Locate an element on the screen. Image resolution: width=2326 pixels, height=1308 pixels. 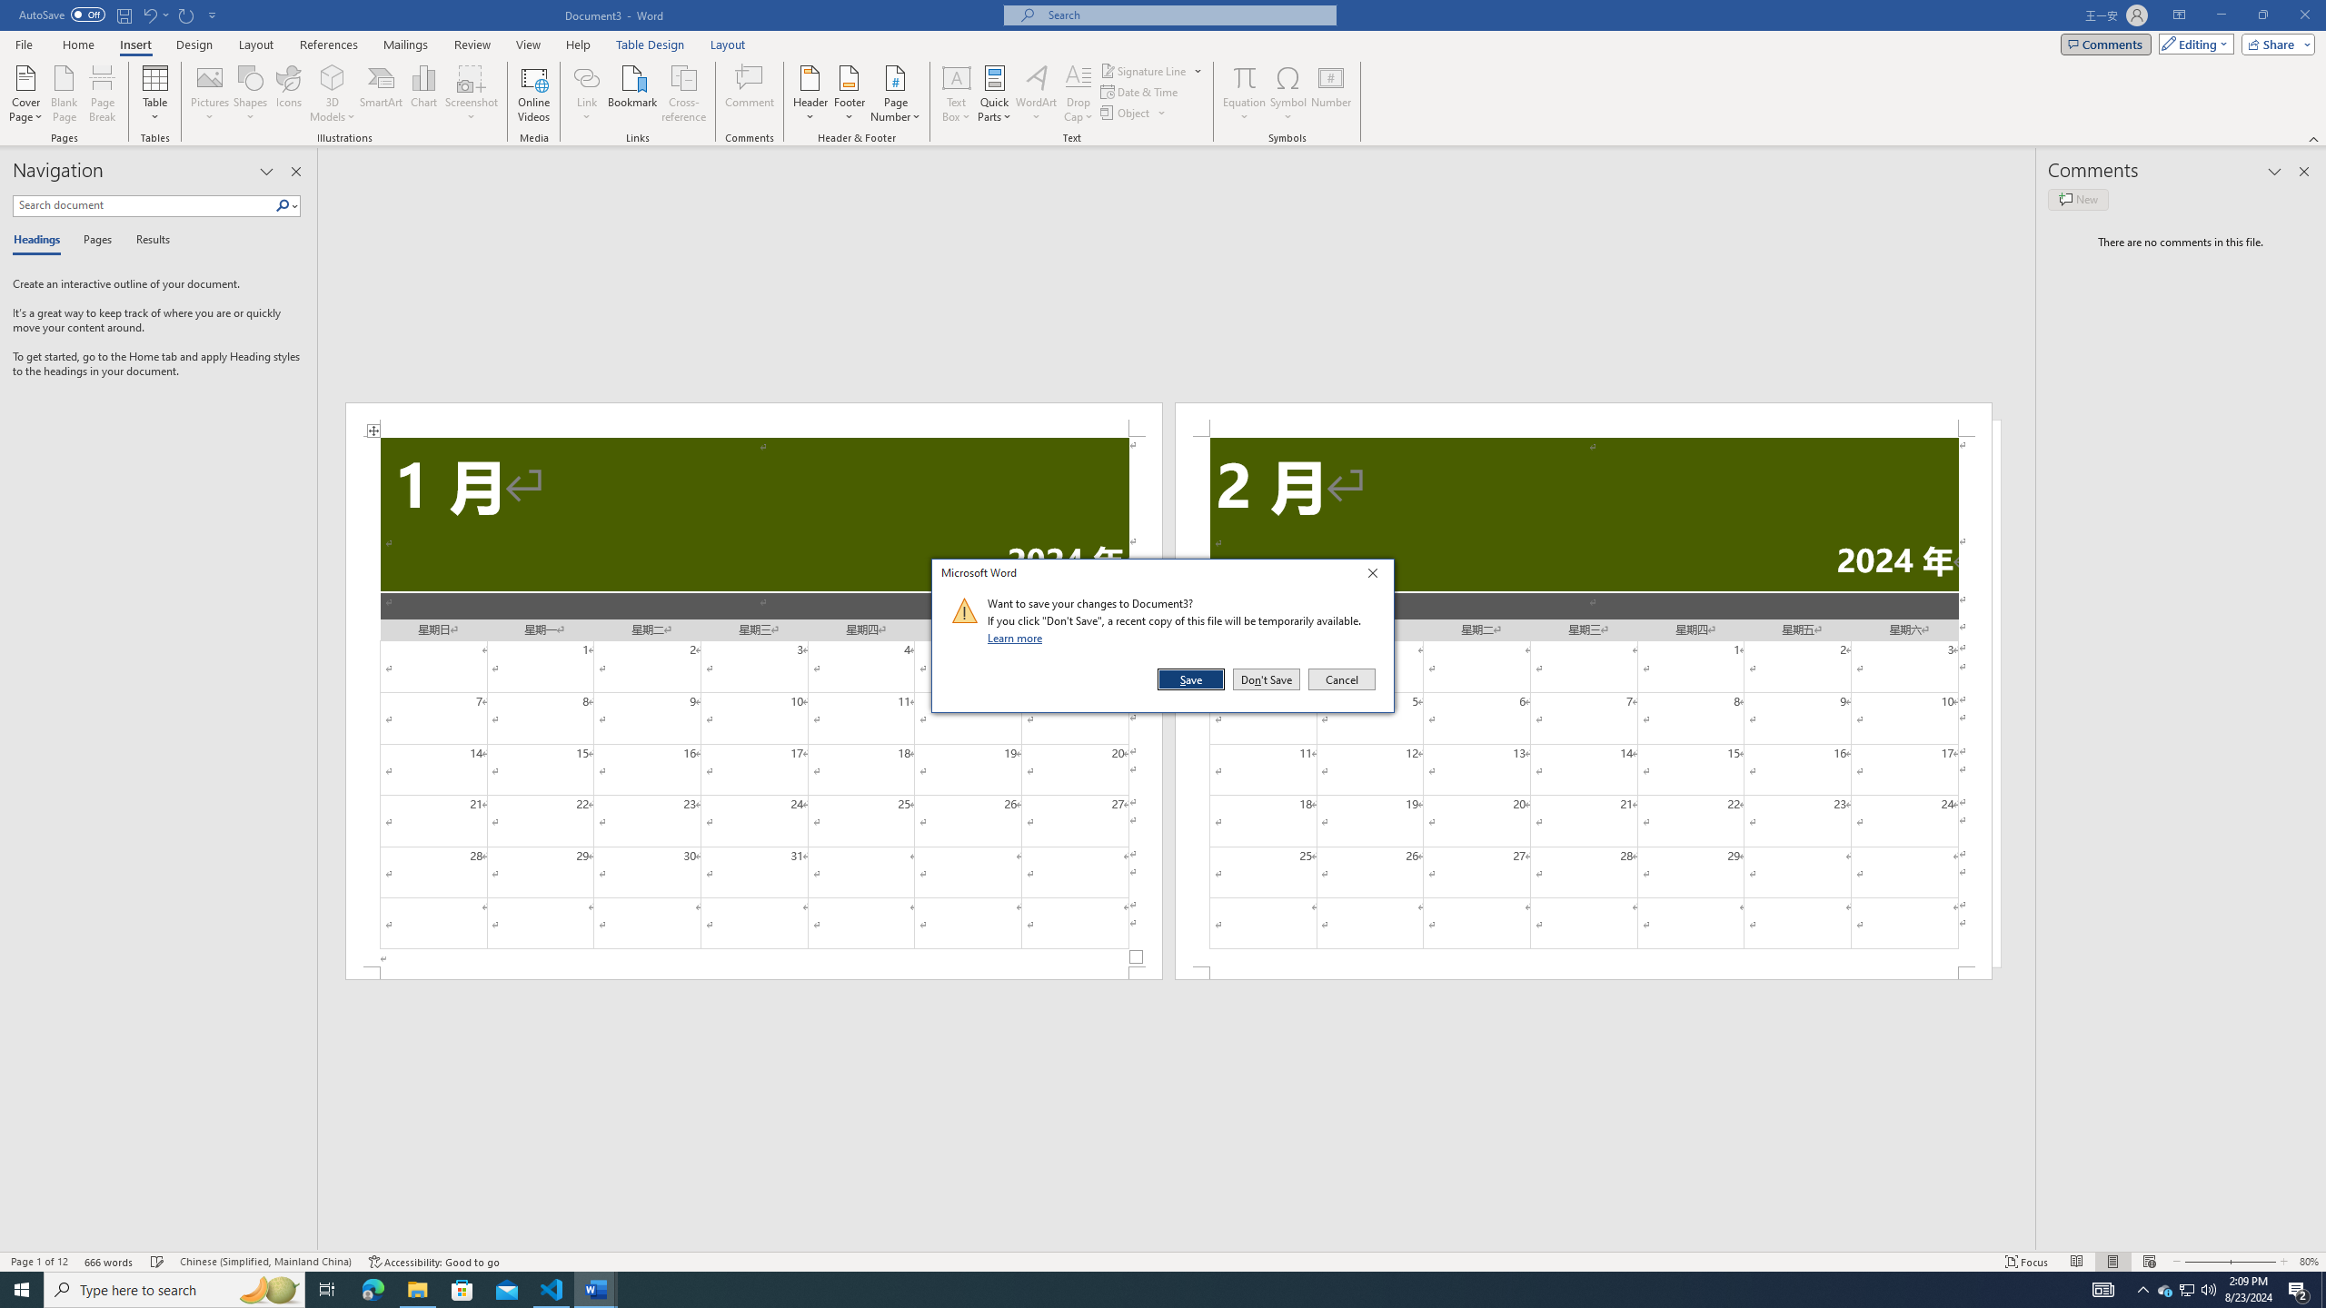
'Object...' is located at coordinates (1133, 111).